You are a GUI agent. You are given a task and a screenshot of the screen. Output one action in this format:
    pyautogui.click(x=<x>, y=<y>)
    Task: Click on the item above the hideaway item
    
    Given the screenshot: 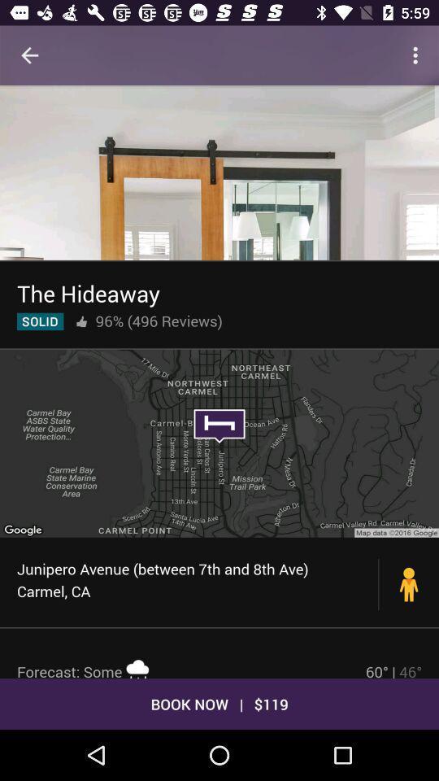 What is the action you would take?
    pyautogui.click(x=219, y=172)
    